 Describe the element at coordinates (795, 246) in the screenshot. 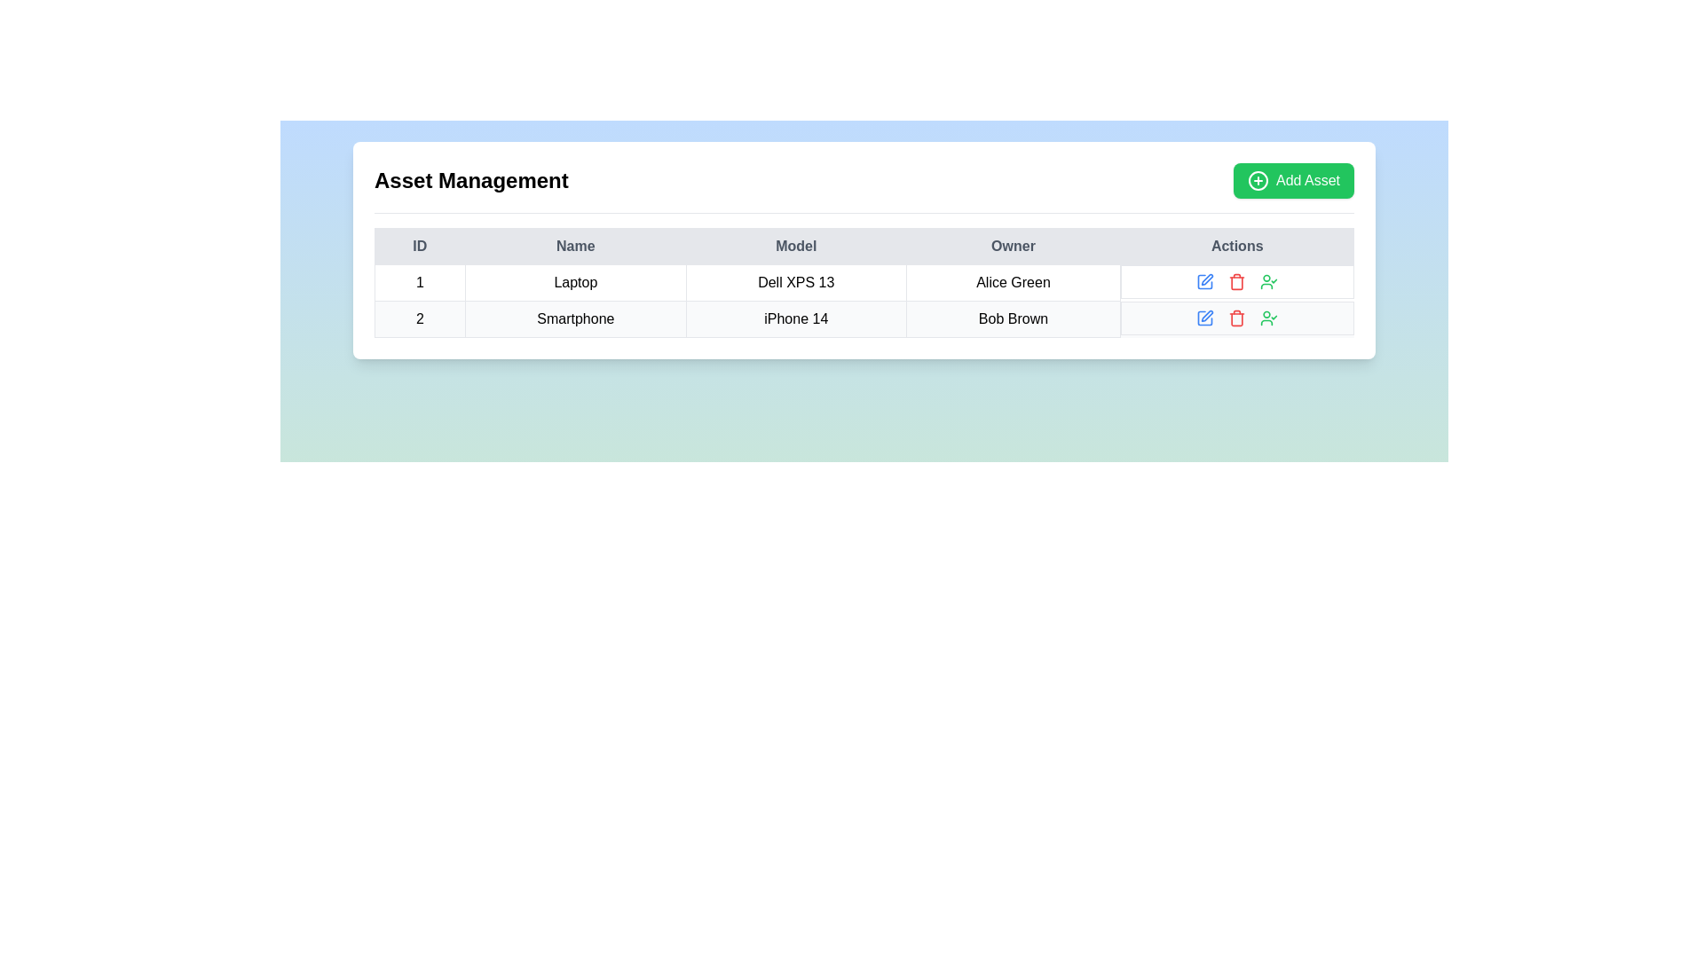

I see `the 'Model' text label in the table header, which is styled with a minimalist design and located in the third column of the header row` at that location.